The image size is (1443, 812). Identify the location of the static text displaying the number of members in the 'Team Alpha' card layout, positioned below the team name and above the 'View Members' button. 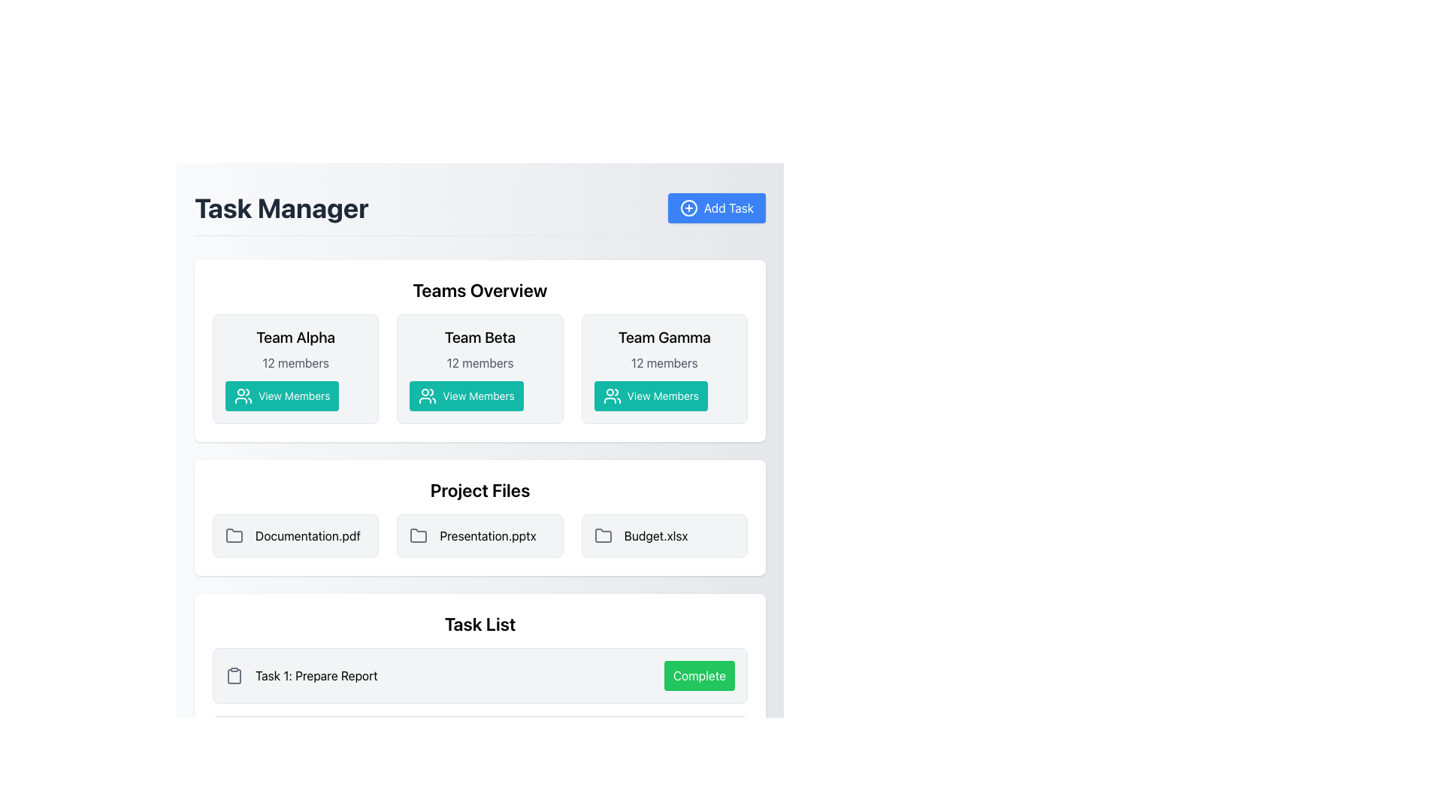
(295, 362).